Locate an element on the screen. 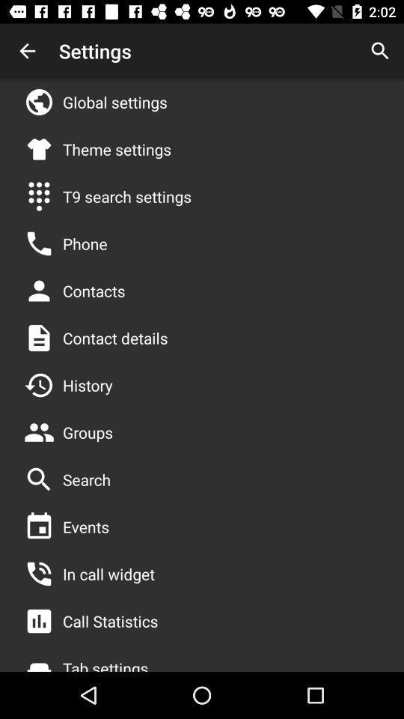 The width and height of the screenshot is (404, 719). phone item is located at coordinates (85, 243).